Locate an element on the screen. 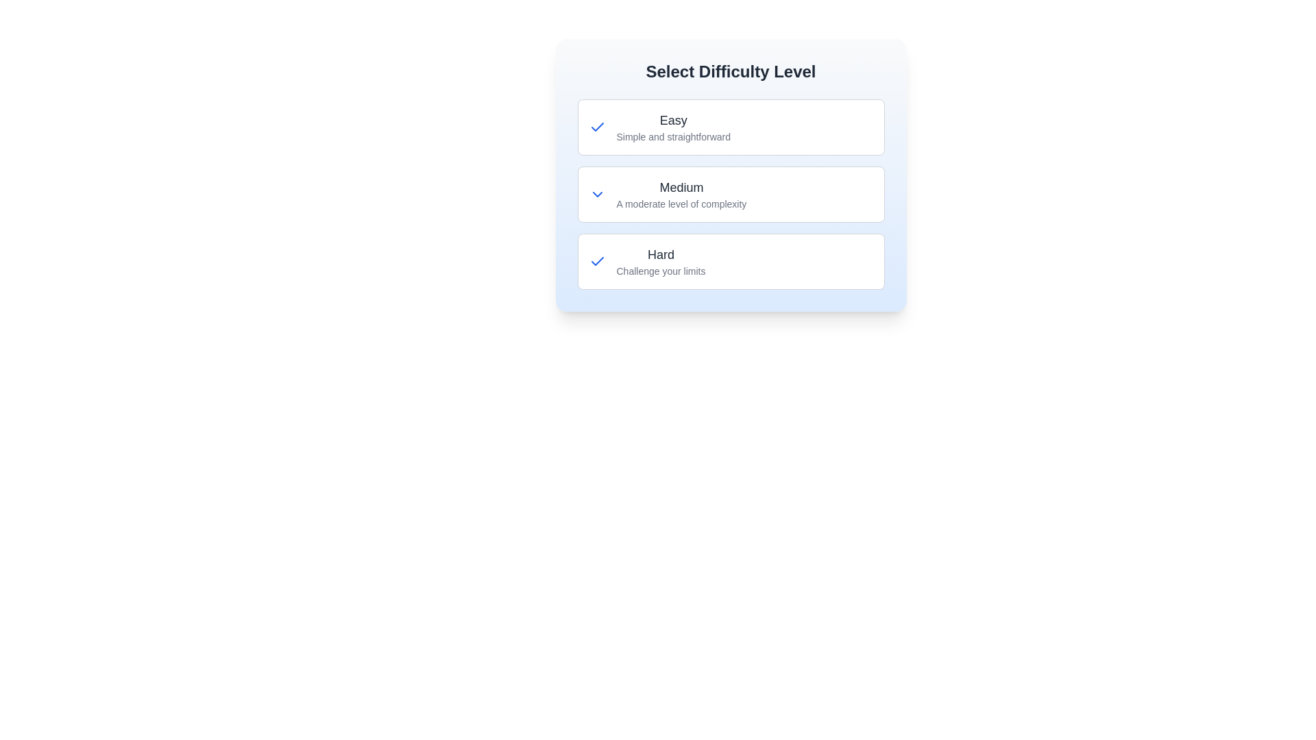 The image size is (1316, 740). the 'Hard' difficulty level text display located in the third item of the vertically aligned list in the 'Select Difficulty Level' panel is located at coordinates (661, 261).